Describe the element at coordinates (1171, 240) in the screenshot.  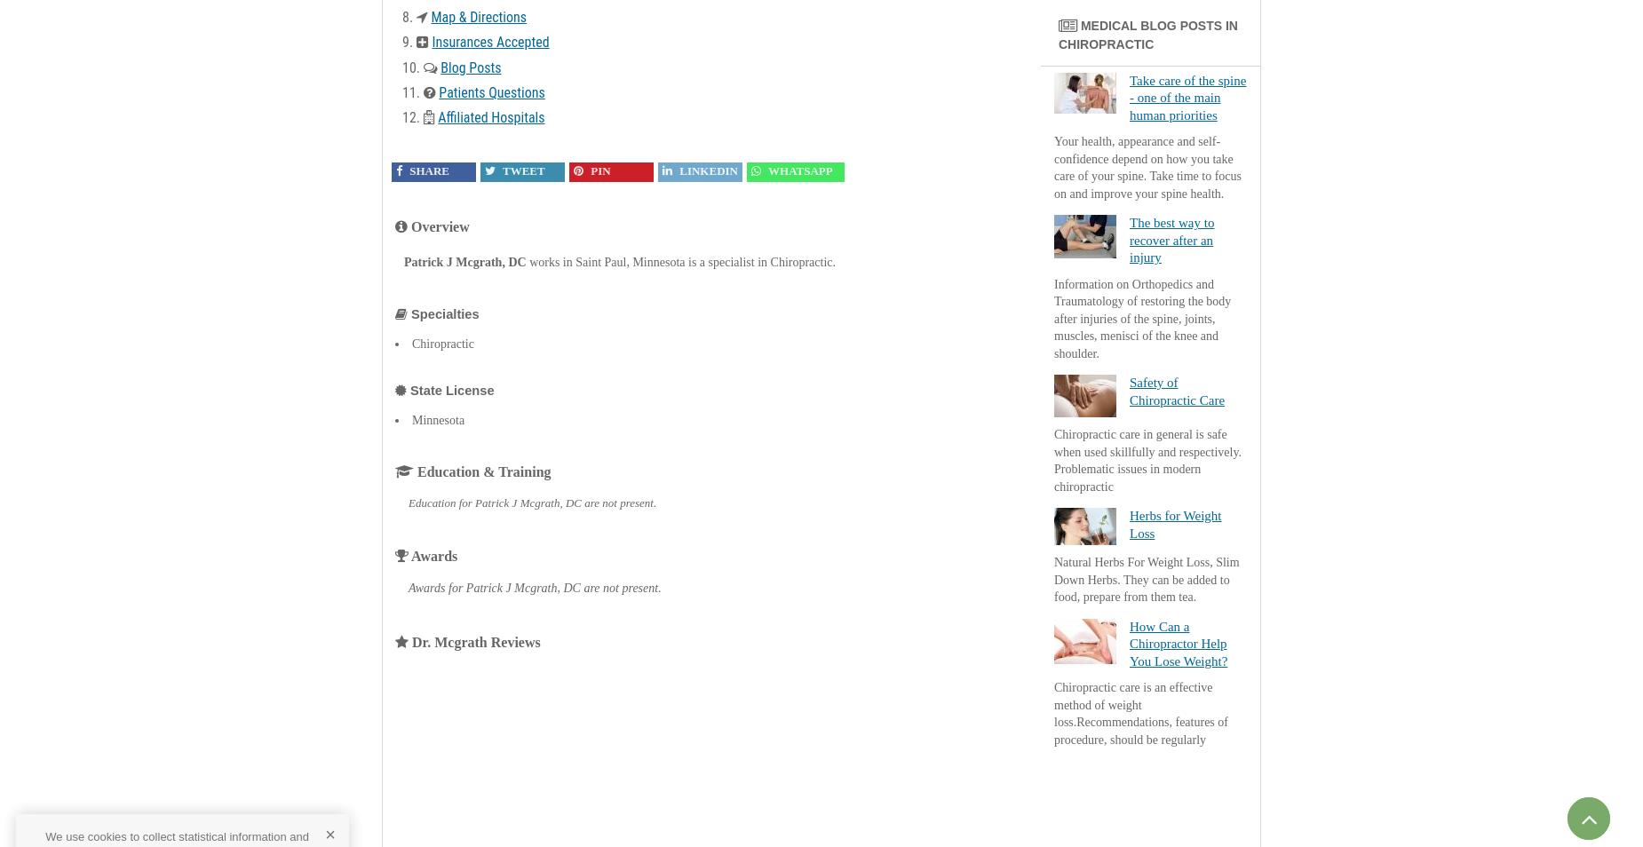
I see `'The best way to recover after an injury'` at that location.